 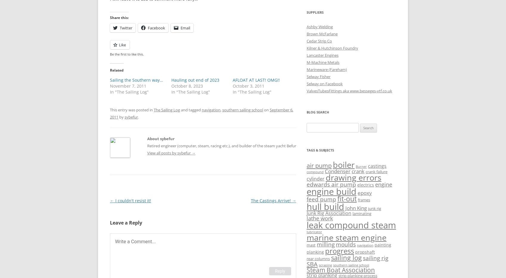 What do you see at coordinates (131, 110) in the screenshot?
I see `'This entry was posted in'` at bounding box center [131, 110].